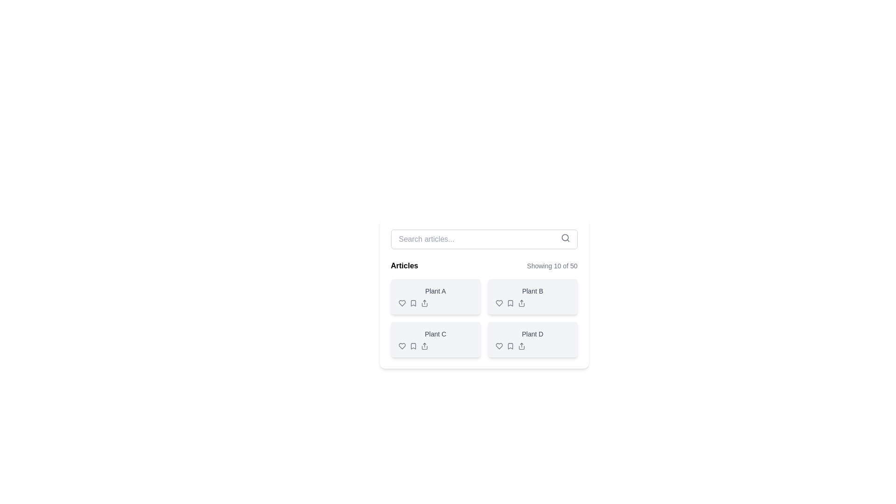  What do you see at coordinates (565, 237) in the screenshot?
I see `the magnifying glass icon located in the top-right corner of the search bar to potentially see additional information` at bounding box center [565, 237].